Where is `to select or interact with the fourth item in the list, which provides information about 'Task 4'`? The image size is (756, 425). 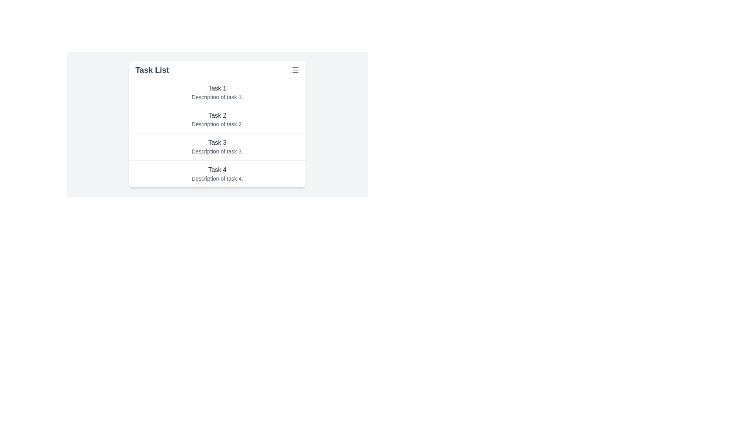
to select or interact with the fourth item in the list, which provides information about 'Task 4' is located at coordinates (217, 174).